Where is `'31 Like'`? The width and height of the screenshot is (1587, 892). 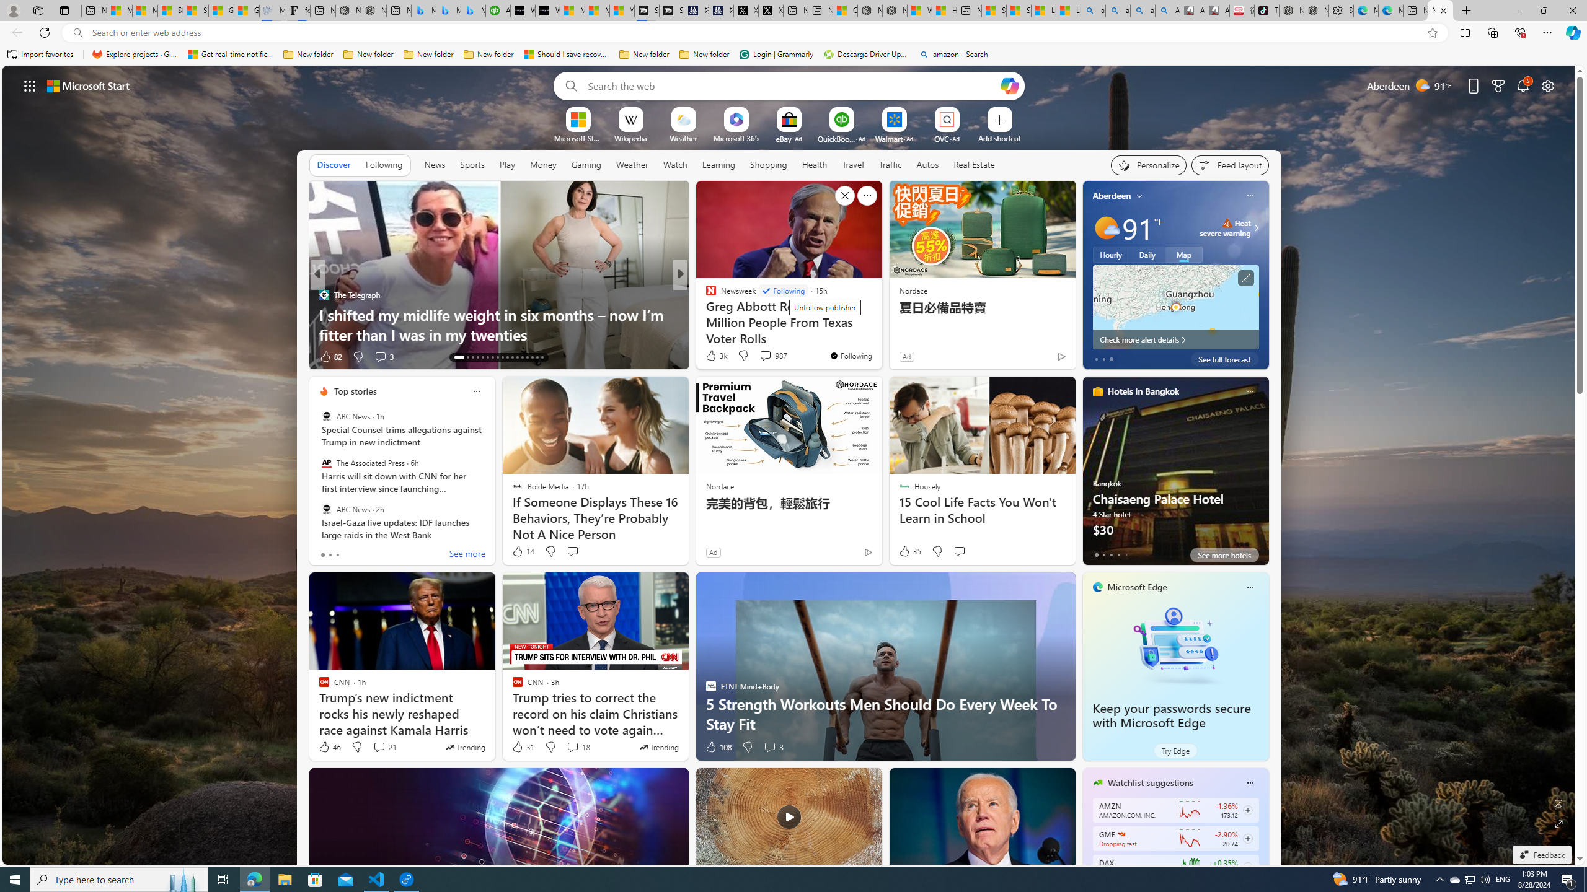
'31 Like' is located at coordinates (523, 747).